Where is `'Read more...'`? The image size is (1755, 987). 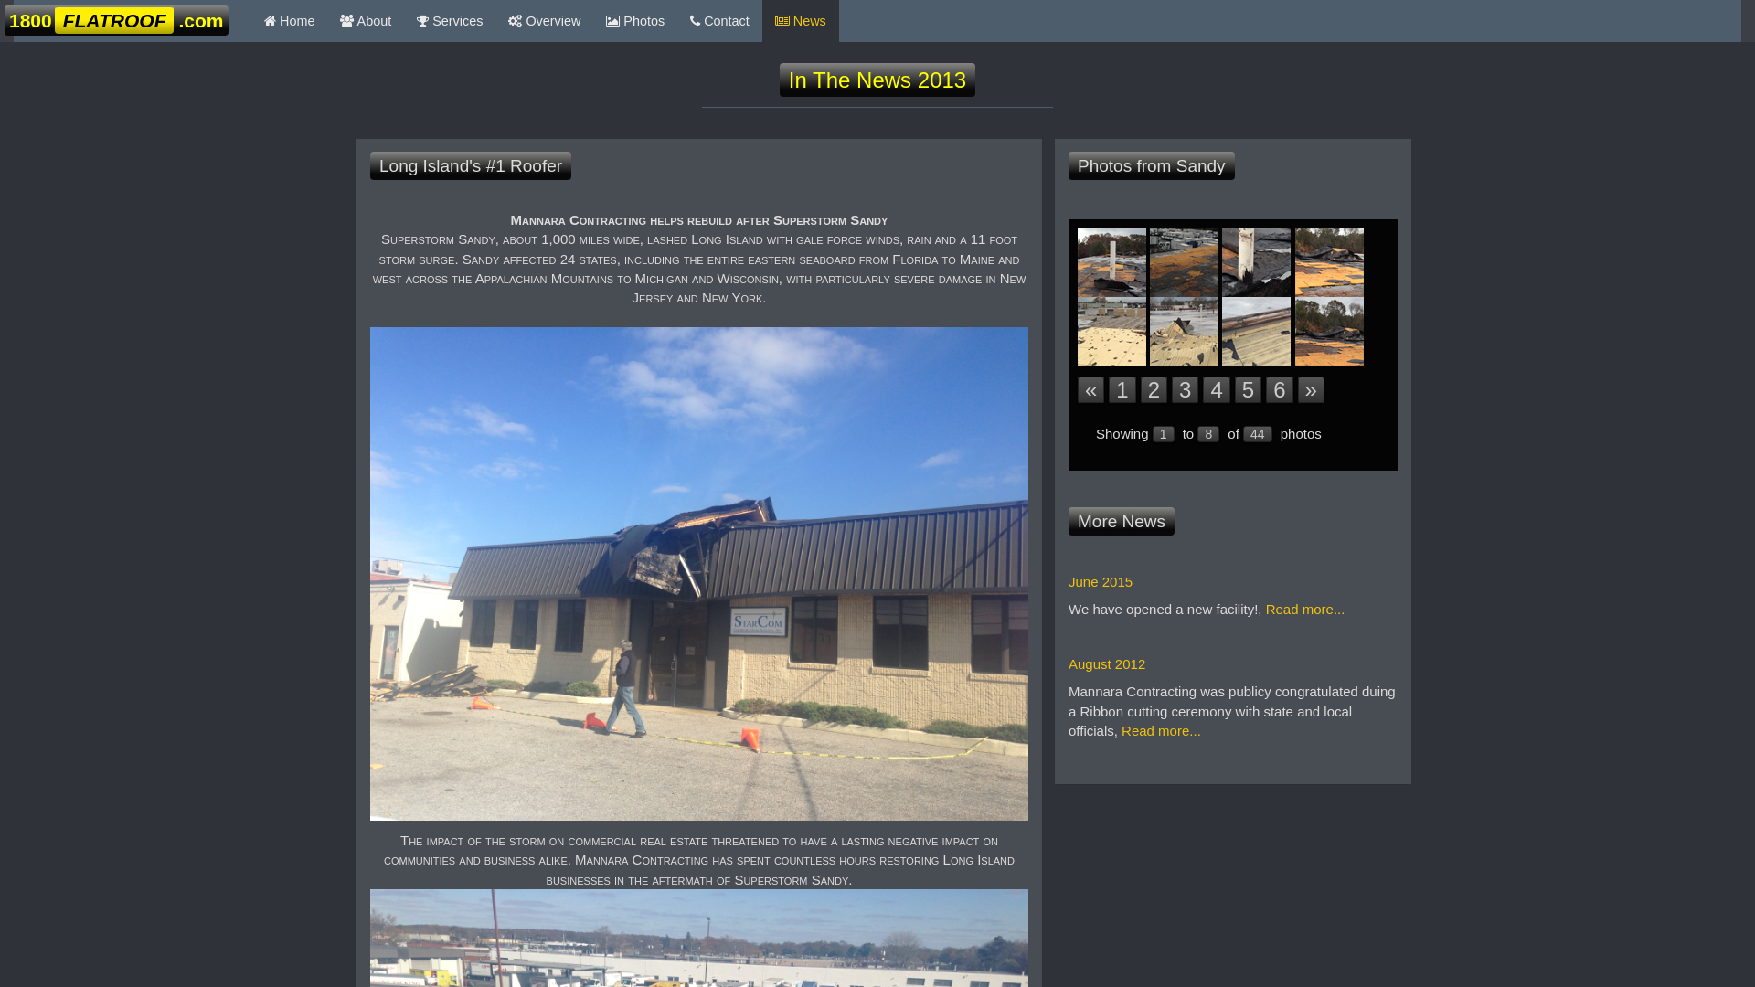 'Read more...' is located at coordinates (1160, 729).